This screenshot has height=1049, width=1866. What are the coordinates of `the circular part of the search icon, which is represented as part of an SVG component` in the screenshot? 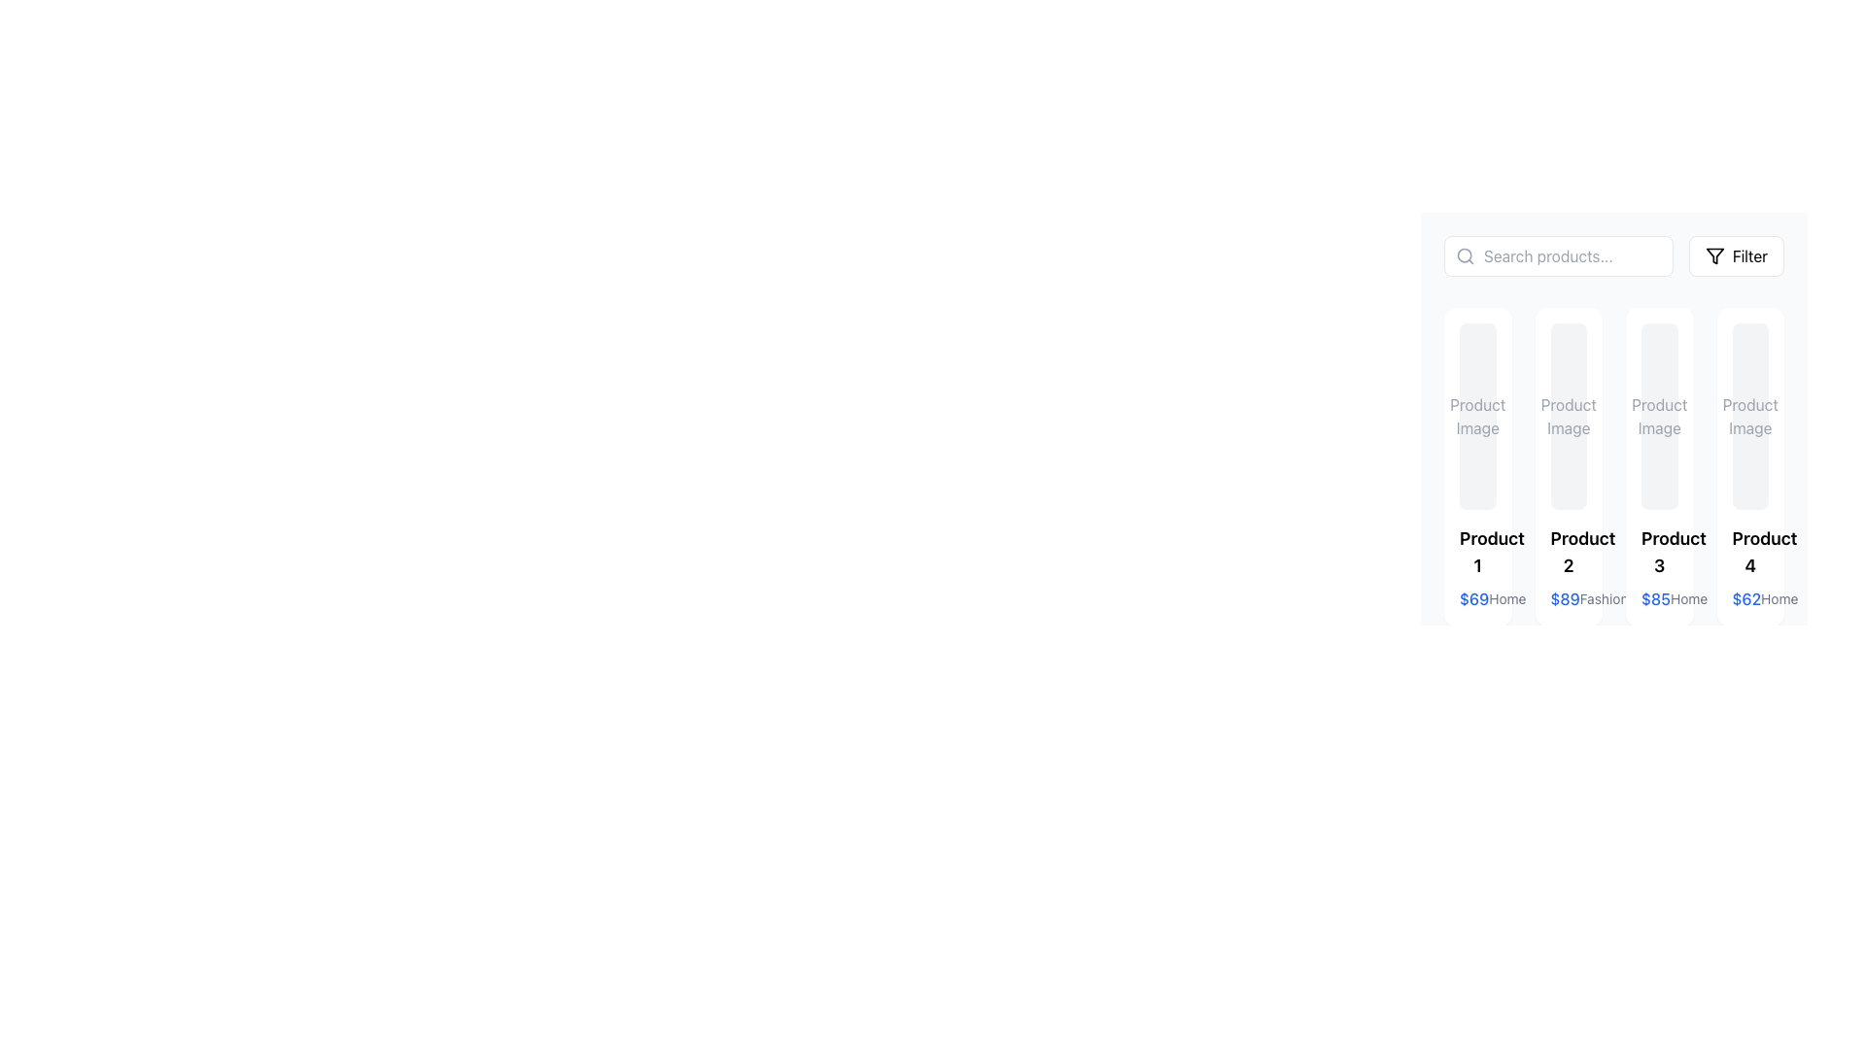 It's located at (1465, 254).